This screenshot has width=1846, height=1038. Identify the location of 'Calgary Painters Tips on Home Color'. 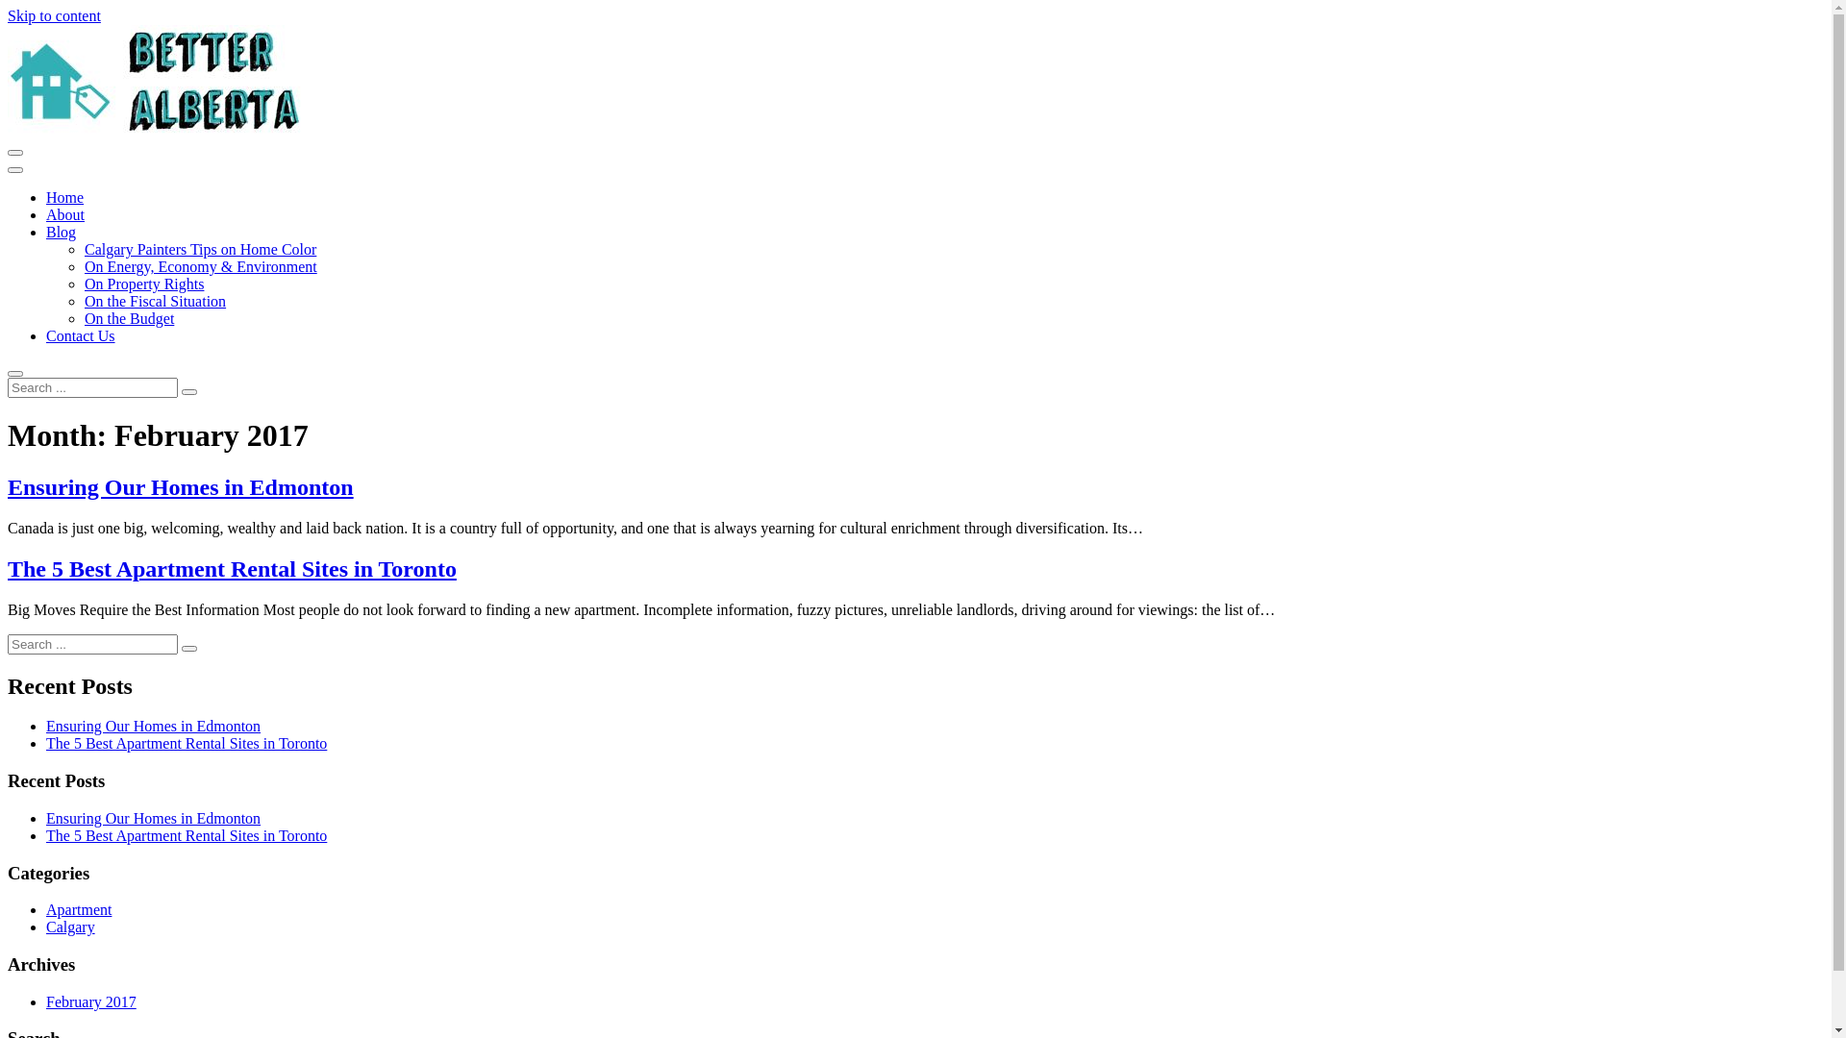
(200, 248).